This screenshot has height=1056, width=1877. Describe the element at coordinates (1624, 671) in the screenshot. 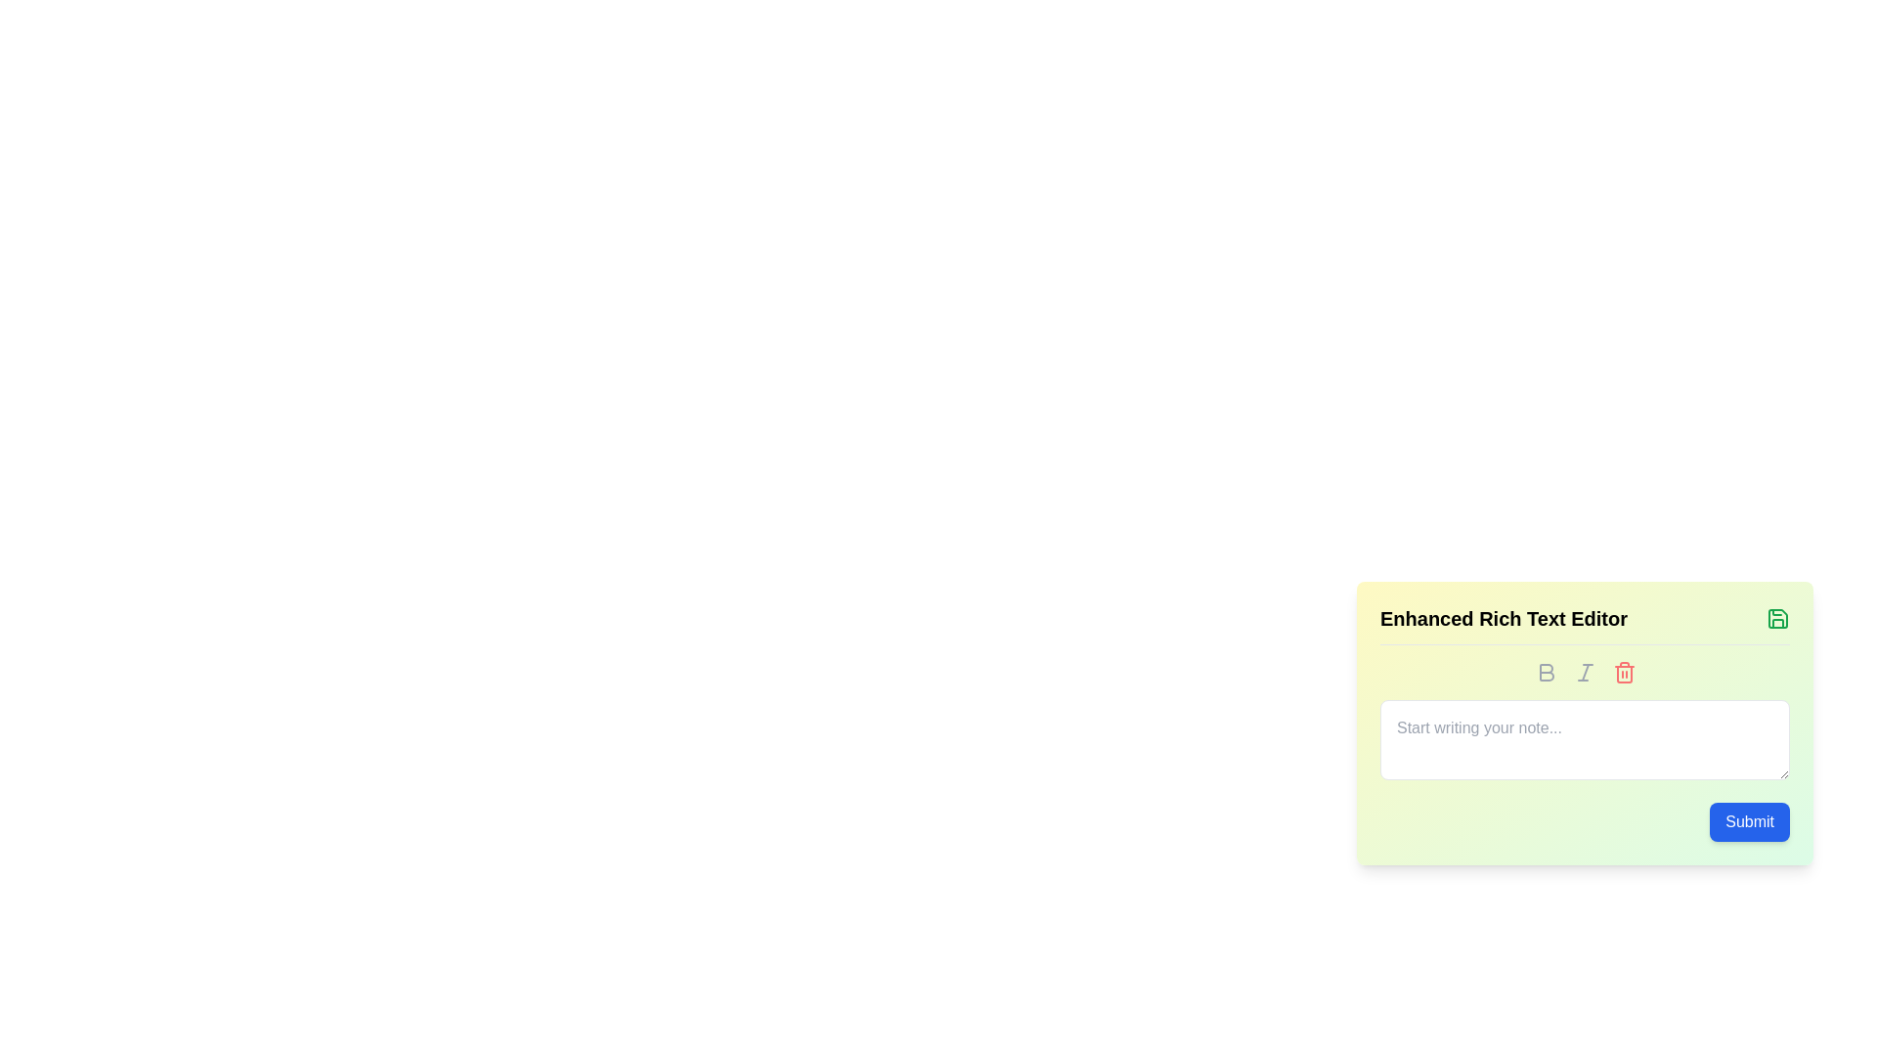

I see `the delete icon button in the Enhanced Rich Text Editor toolbar` at that location.